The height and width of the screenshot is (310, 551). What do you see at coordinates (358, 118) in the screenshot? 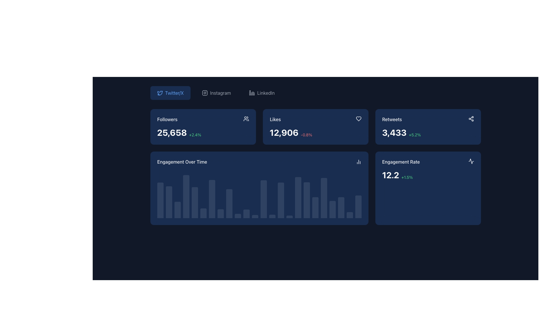
I see `the heart-shaped icon in the 'Likes' card located at the top-right corner, near the numerical likes count` at bounding box center [358, 118].